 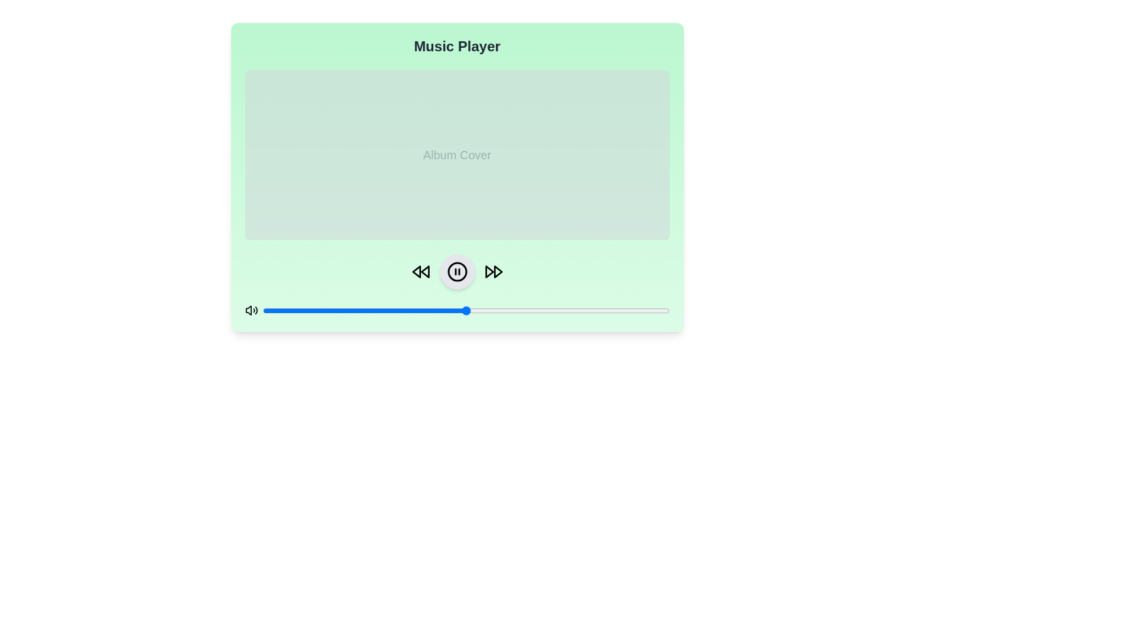 I want to click on volume level, so click(x=295, y=310).